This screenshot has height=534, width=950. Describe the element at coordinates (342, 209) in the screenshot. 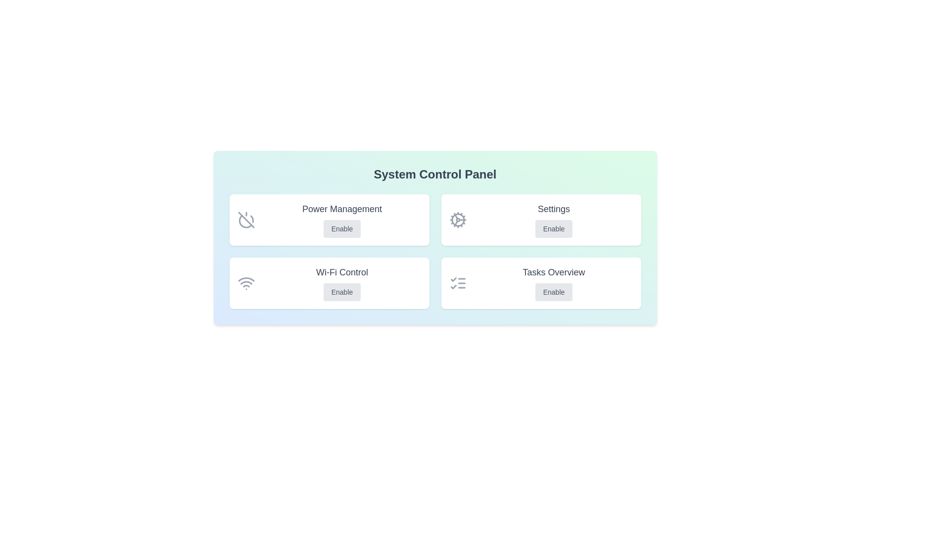

I see `the text label that describes power management functionality, located above the 'Enable' button and next to the associated icon` at that location.